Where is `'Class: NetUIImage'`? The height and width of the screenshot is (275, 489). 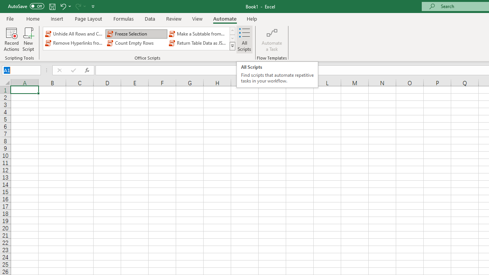 'Class: NetUIImage' is located at coordinates (232, 46).